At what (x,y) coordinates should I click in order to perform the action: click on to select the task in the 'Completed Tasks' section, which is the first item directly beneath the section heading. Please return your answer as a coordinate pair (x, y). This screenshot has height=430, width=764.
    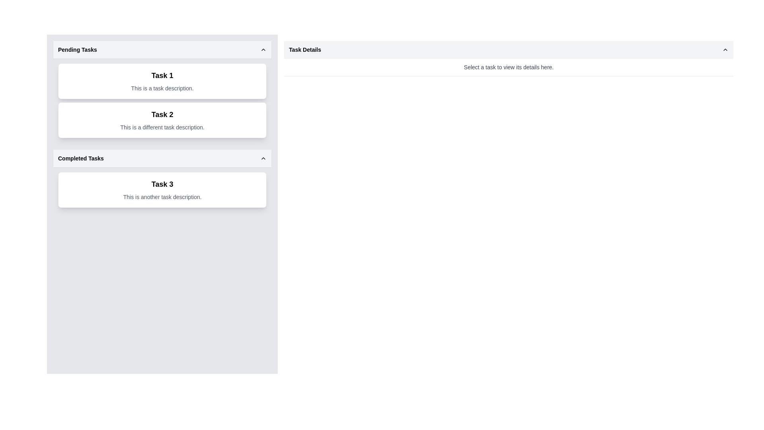
    Looking at the image, I should click on (162, 190).